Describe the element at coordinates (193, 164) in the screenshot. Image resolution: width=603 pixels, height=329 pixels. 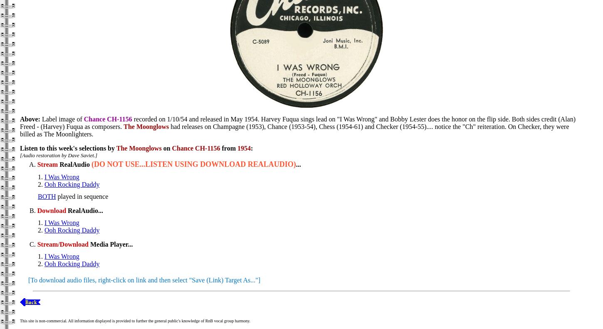
I see `'(DO NOT USE...LISTEN USING DOWNLOAD REALAUDIO)'` at that location.